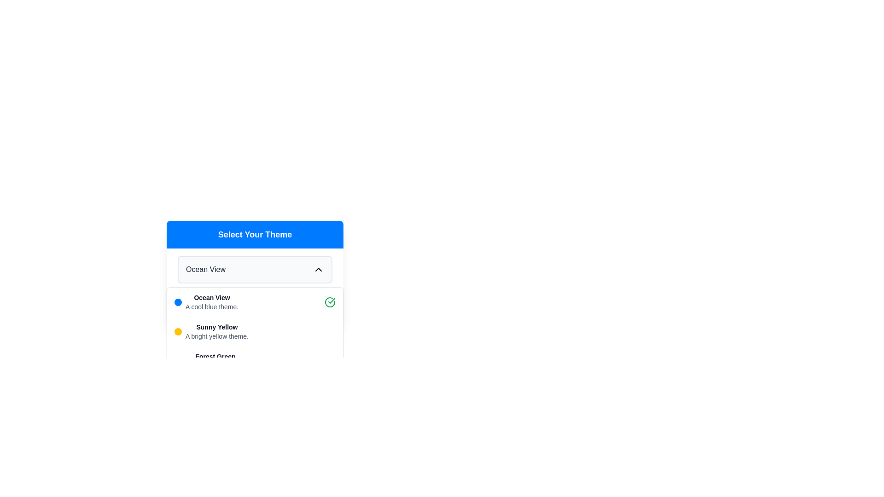 This screenshot has height=497, width=884. What do you see at coordinates (255, 302) in the screenshot?
I see `the dropdown list item representing the theme option 'Ocean View'` at bounding box center [255, 302].